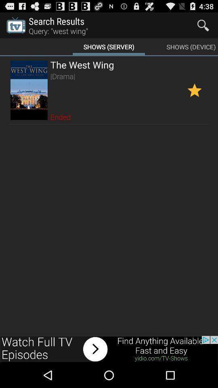  What do you see at coordinates (109, 349) in the screenshot?
I see `open advertisement` at bounding box center [109, 349].